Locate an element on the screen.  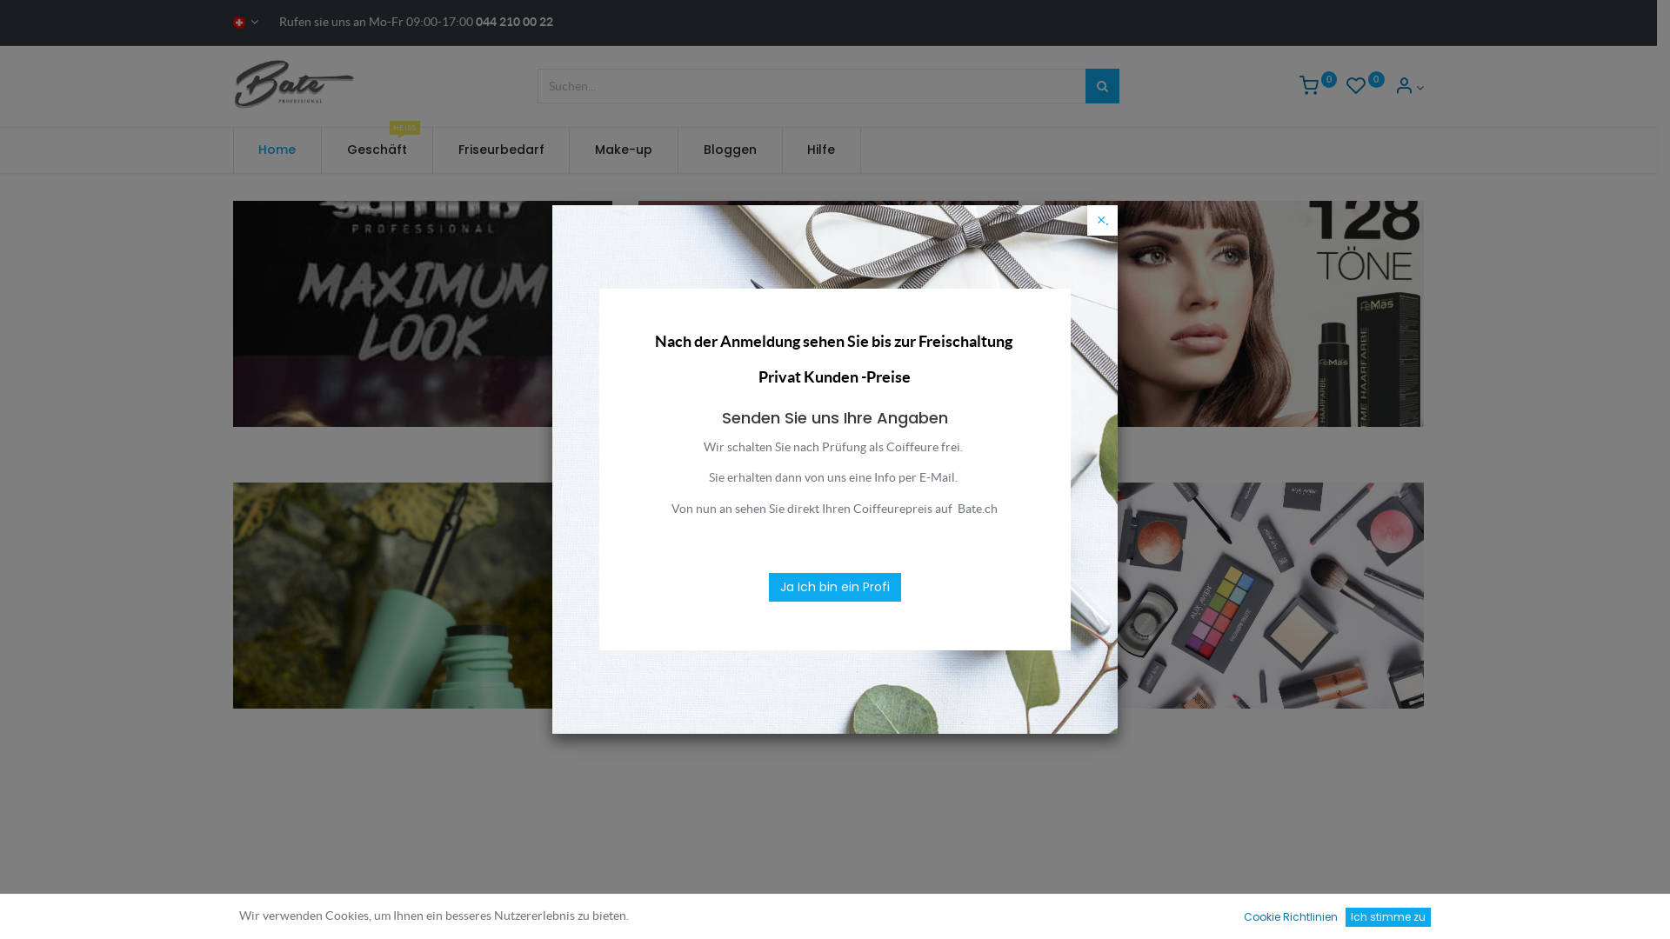
'Friseurbedarf' is located at coordinates (500, 150).